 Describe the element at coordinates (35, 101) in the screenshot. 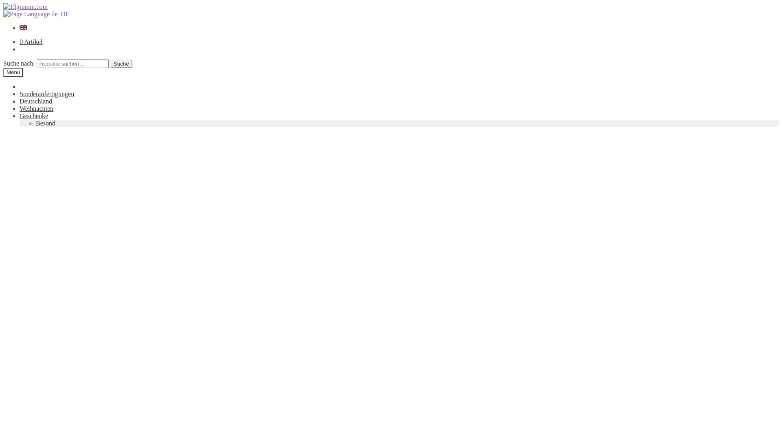

I see `'Deutschland'` at that location.